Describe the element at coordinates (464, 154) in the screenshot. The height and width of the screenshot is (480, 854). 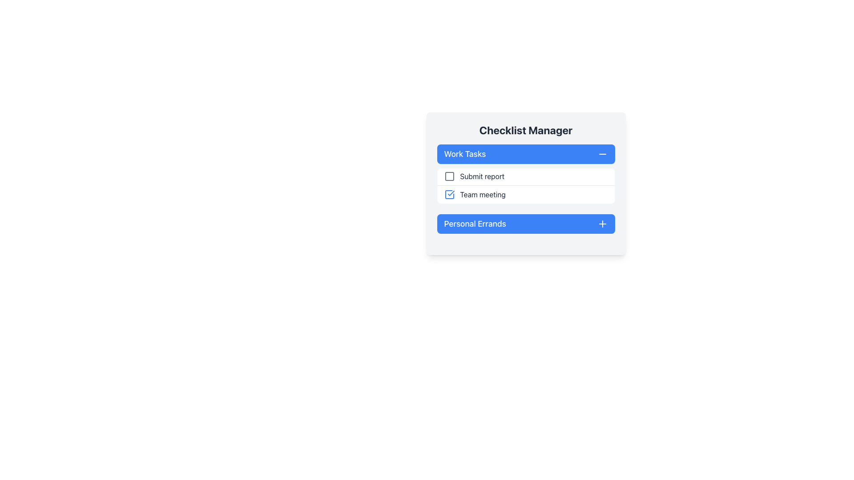
I see `the 'Work Tasks' text label, which is prominently displayed in white on a blue background at the top of the task list interface` at that location.